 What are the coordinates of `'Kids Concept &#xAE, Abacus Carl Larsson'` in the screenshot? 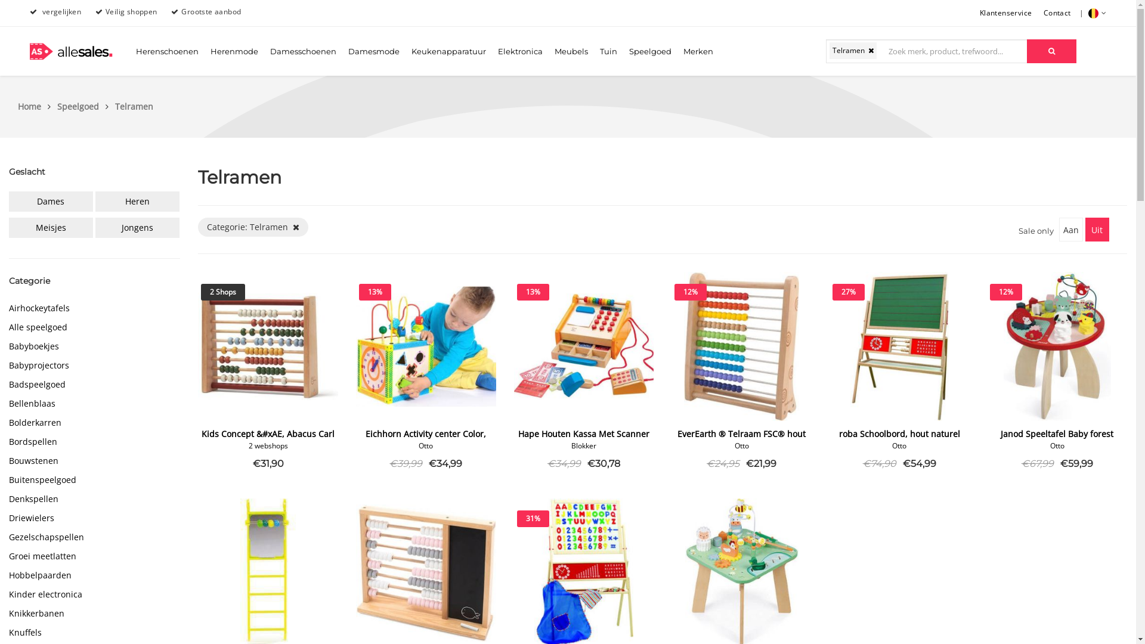 It's located at (267, 441).